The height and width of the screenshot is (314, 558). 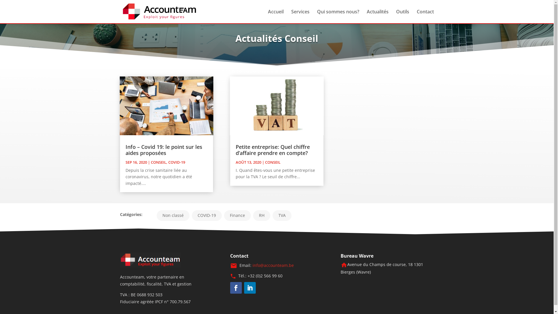 I want to click on 'CONSEIL', so click(x=265, y=162).